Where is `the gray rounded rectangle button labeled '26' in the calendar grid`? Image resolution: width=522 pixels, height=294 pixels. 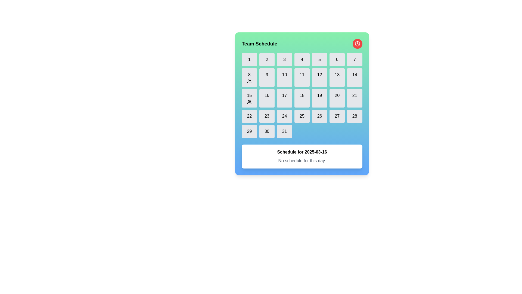
the gray rounded rectangle button labeled '26' in the calendar grid is located at coordinates (319, 116).